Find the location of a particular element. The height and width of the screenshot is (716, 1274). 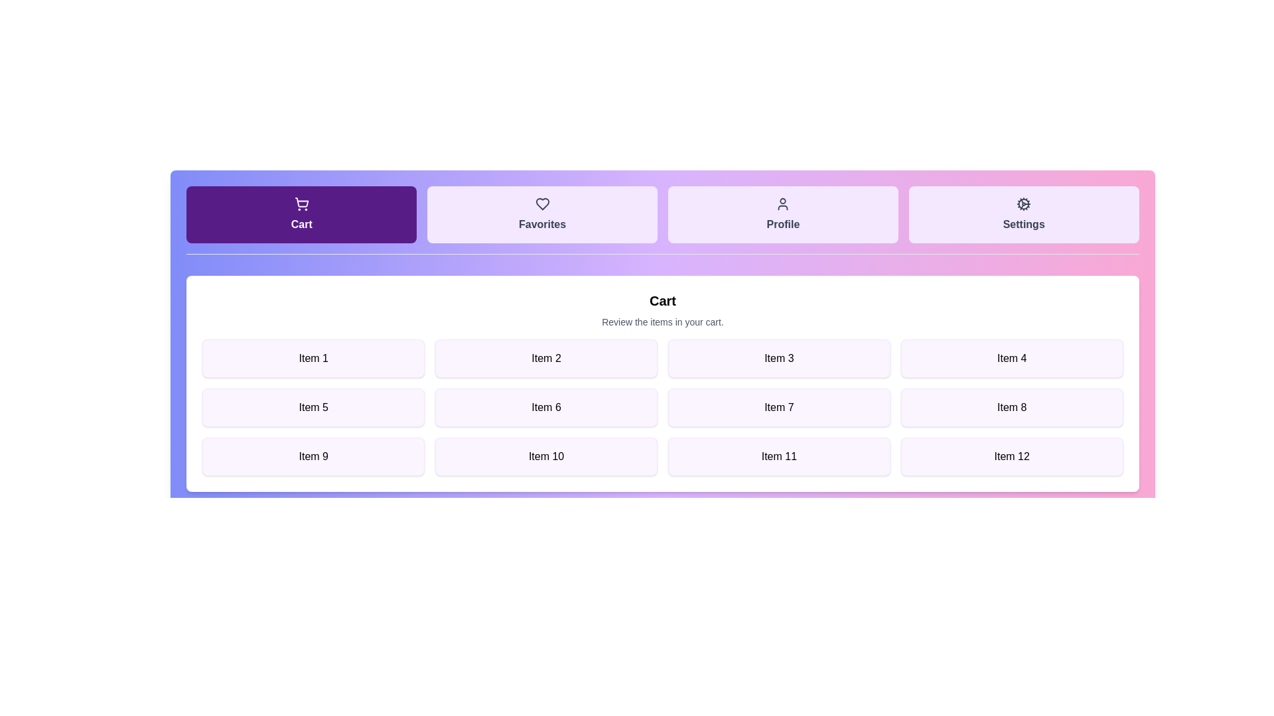

the tab labeled Profile is located at coordinates (783, 214).